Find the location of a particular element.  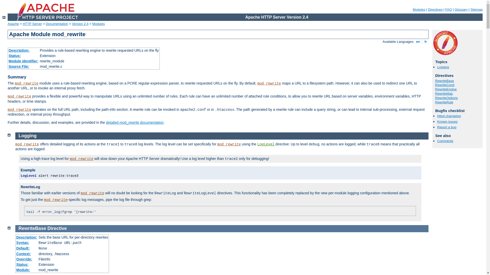

'mod_rewrite' is located at coordinates (229, 144).